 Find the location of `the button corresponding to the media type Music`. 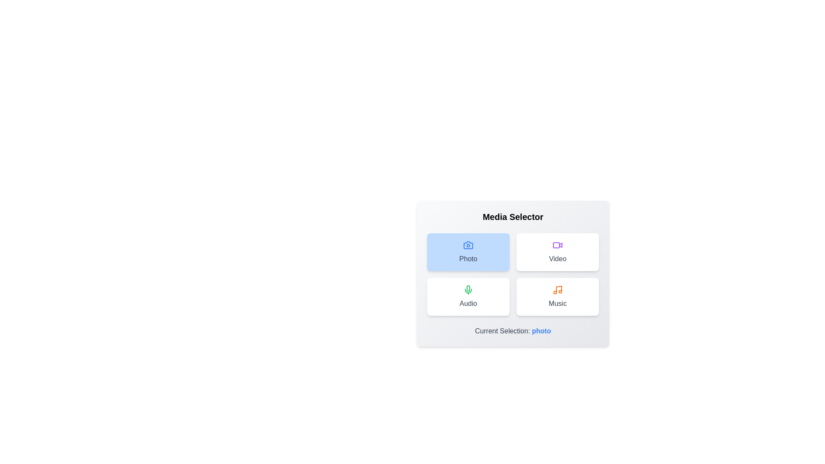

the button corresponding to the media type Music is located at coordinates (557, 296).